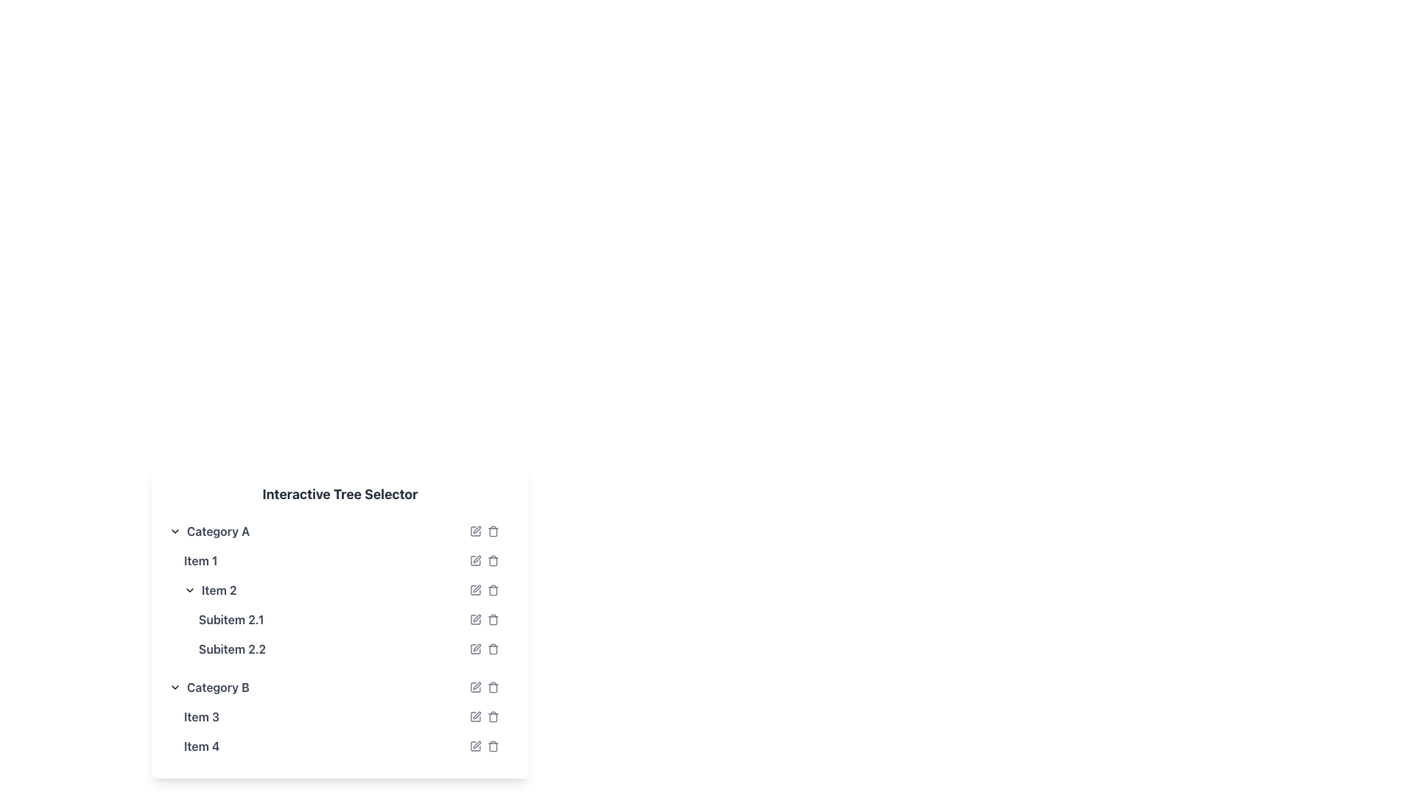 This screenshot has width=1414, height=795. Describe the element at coordinates (484, 649) in the screenshot. I see `the edit or delete icon pair located to the right of the 'Subitem 2.2' entry under the 'Item 2' section in the hierarchical tree view to emphasize it` at that location.